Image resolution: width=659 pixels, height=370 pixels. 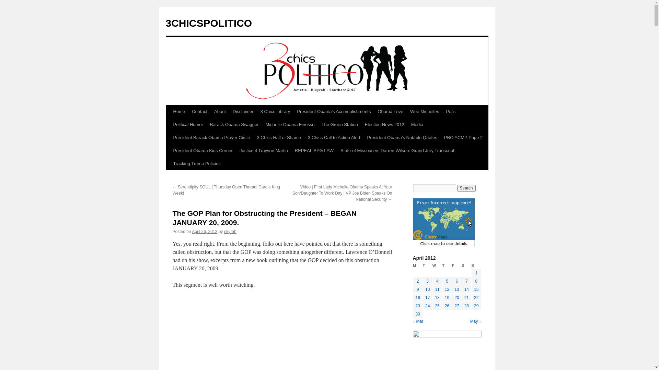 What do you see at coordinates (454, 306) in the screenshot?
I see `'27'` at bounding box center [454, 306].